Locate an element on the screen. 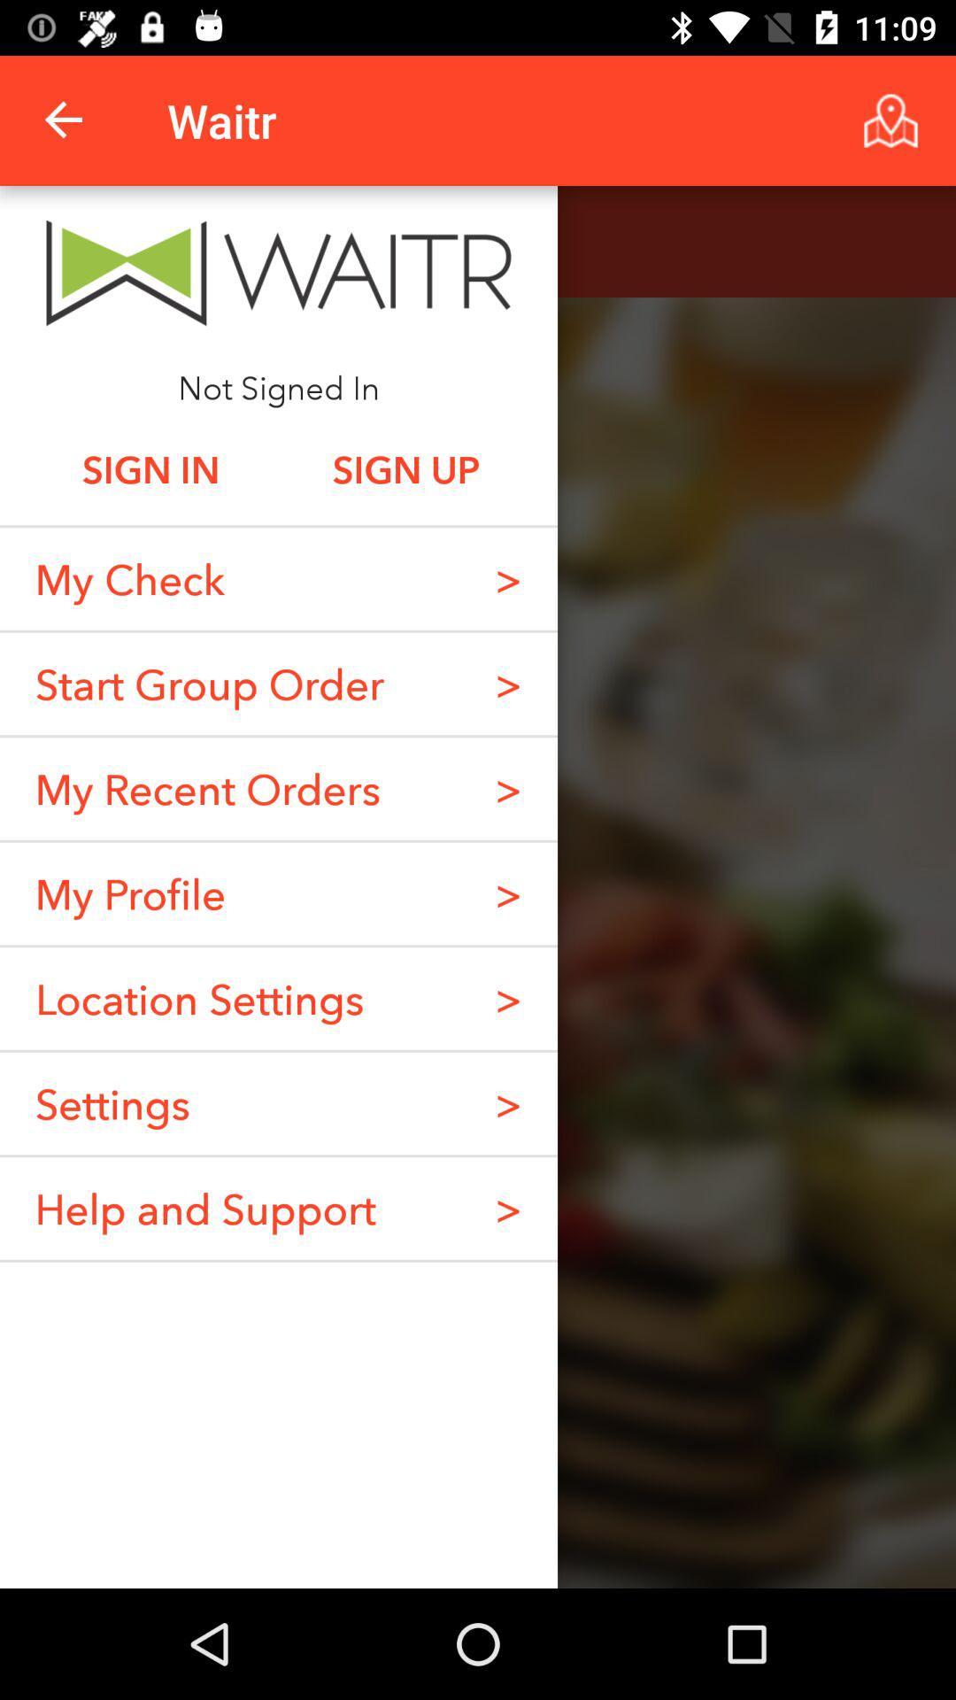  icon above my profile icon is located at coordinates (206, 788).